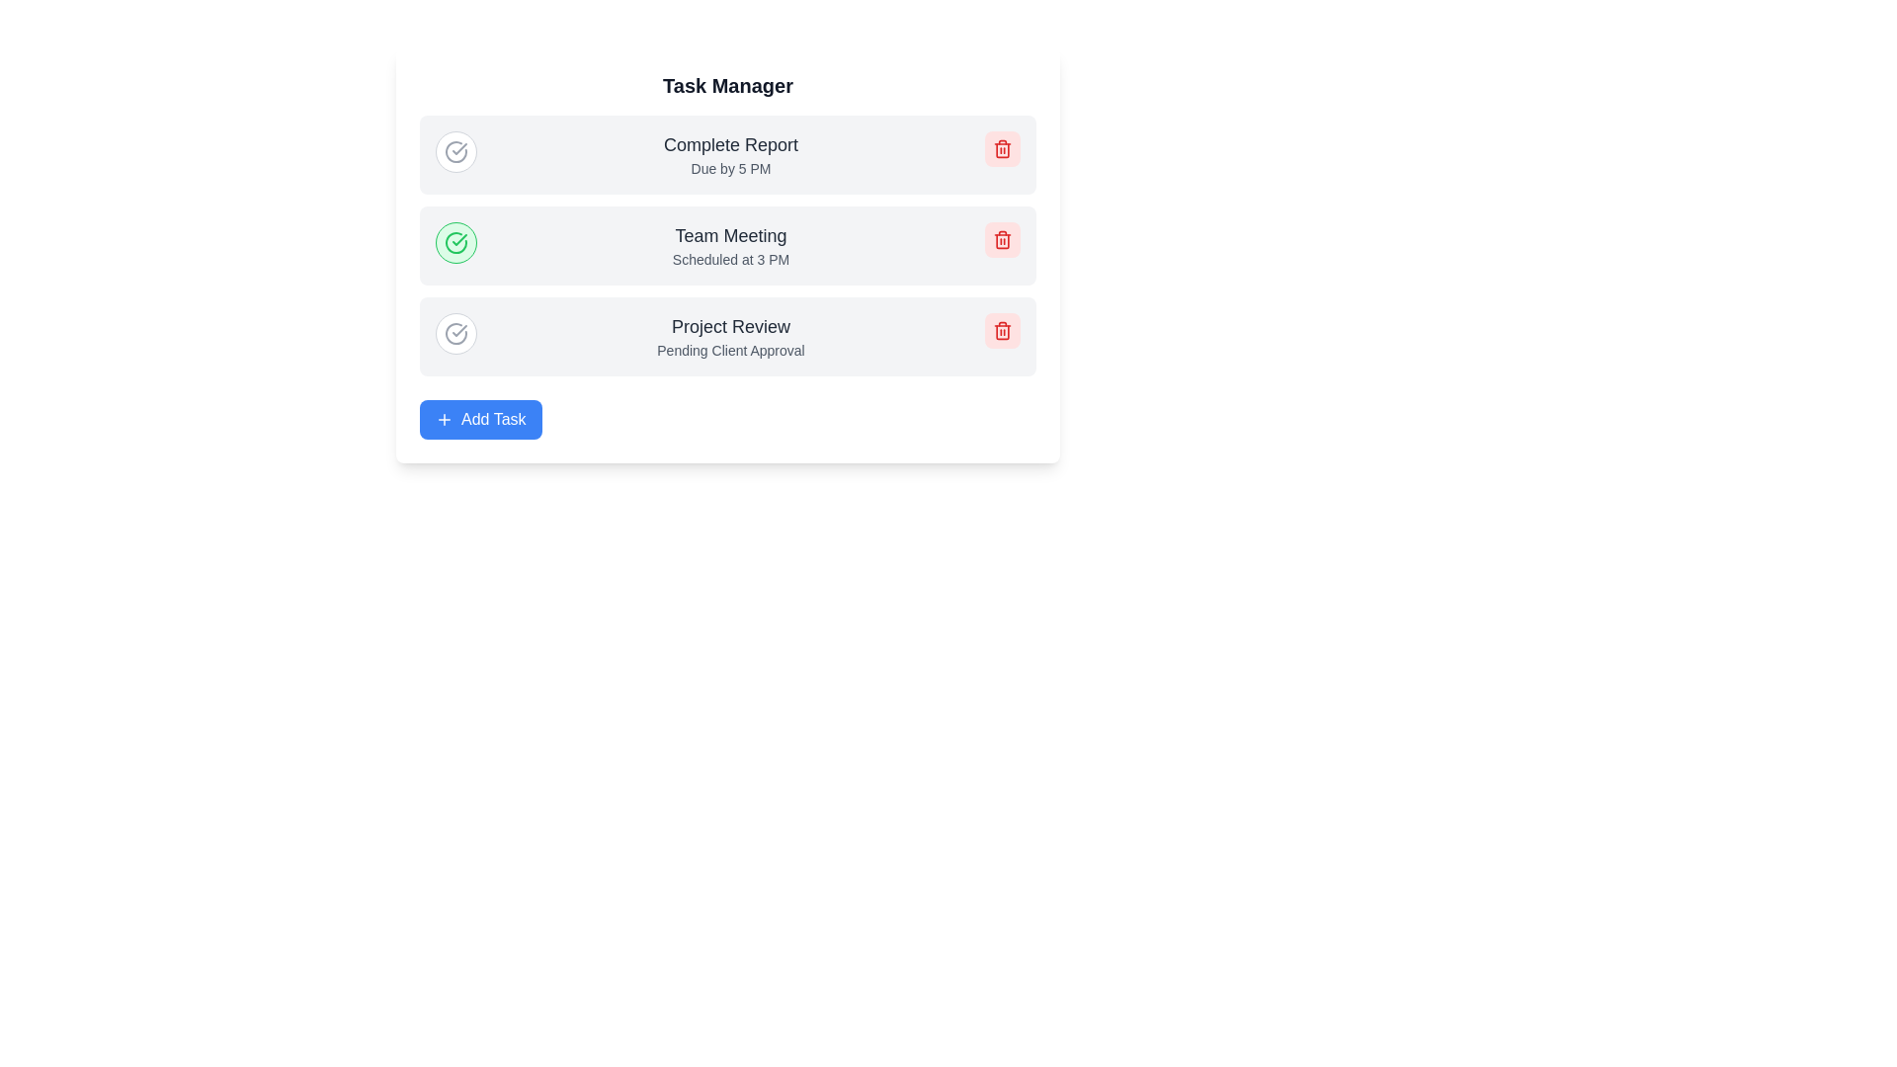 The image size is (1897, 1067). Describe the element at coordinates (1002, 330) in the screenshot. I see `the delete button for the task labeled 'Project Review'` at that location.